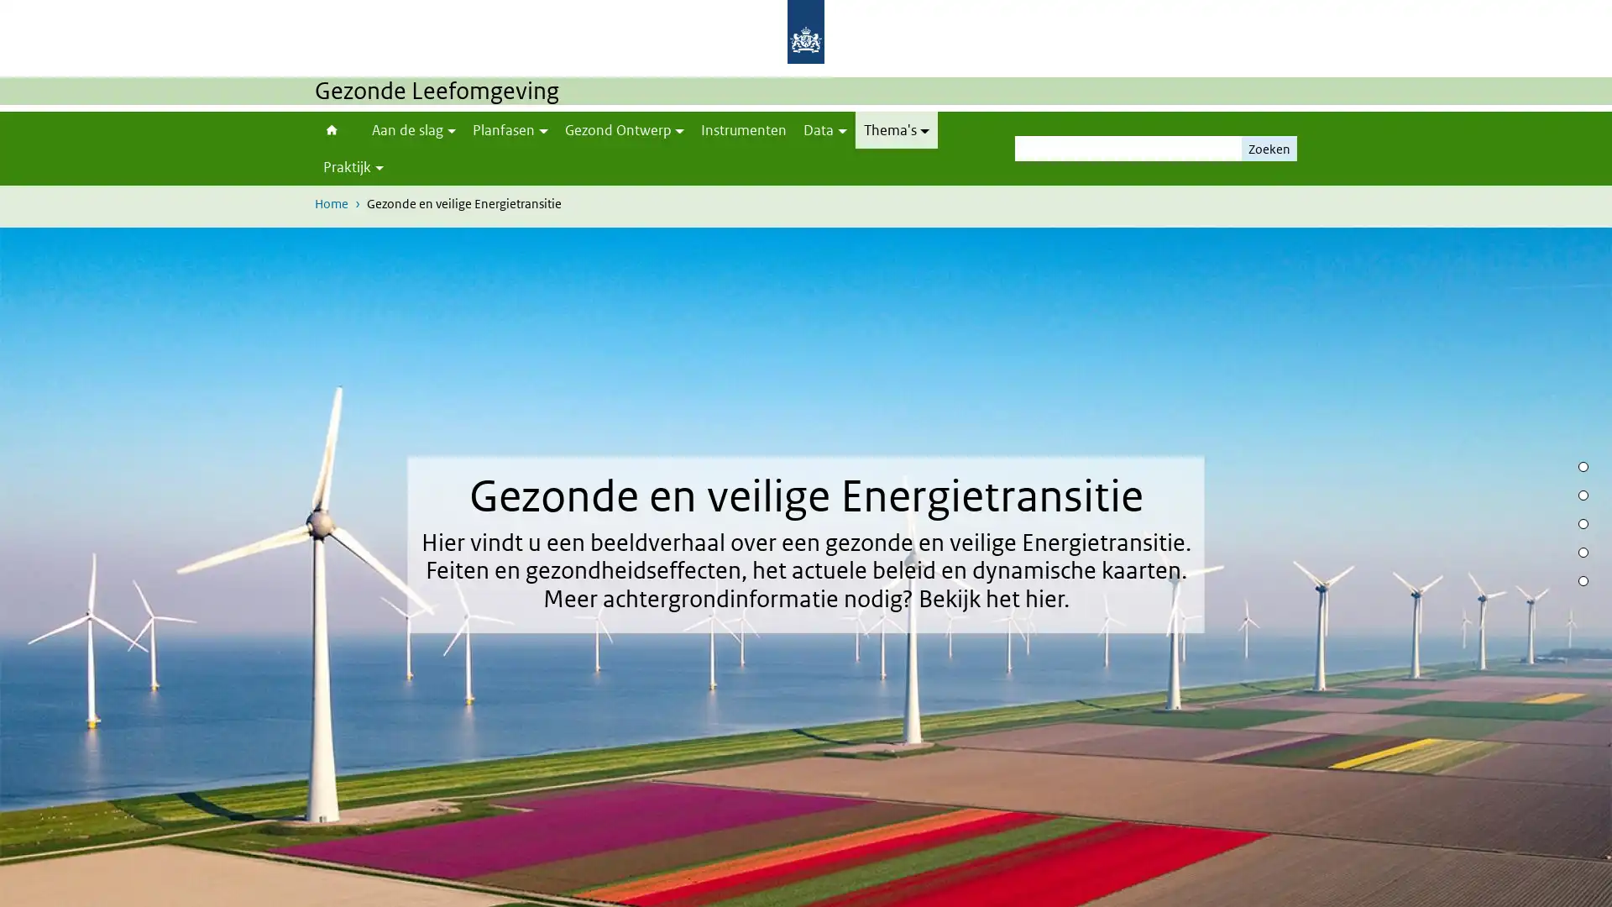 This screenshot has height=907, width=1612. What do you see at coordinates (1269, 36) in the screenshot?
I see `Zoeken` at bounding box center [1269, 36].